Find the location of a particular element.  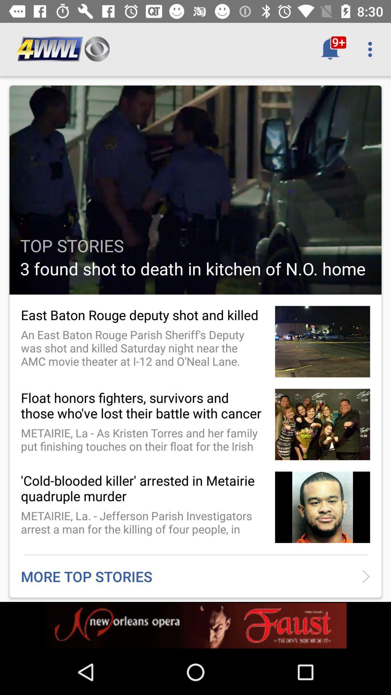

the item below more top stories item is located at coordinates (195, 625).